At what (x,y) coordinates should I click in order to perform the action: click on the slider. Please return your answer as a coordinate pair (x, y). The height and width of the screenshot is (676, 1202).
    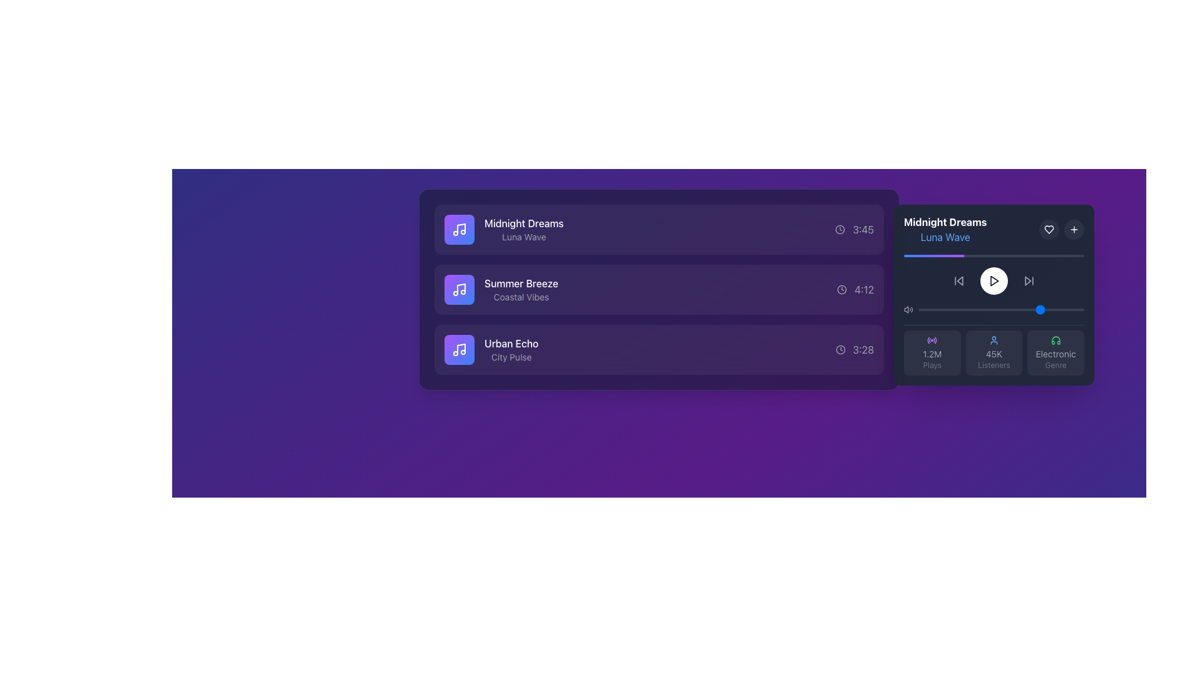
    Looking at the image, I should click on (1065, 309).